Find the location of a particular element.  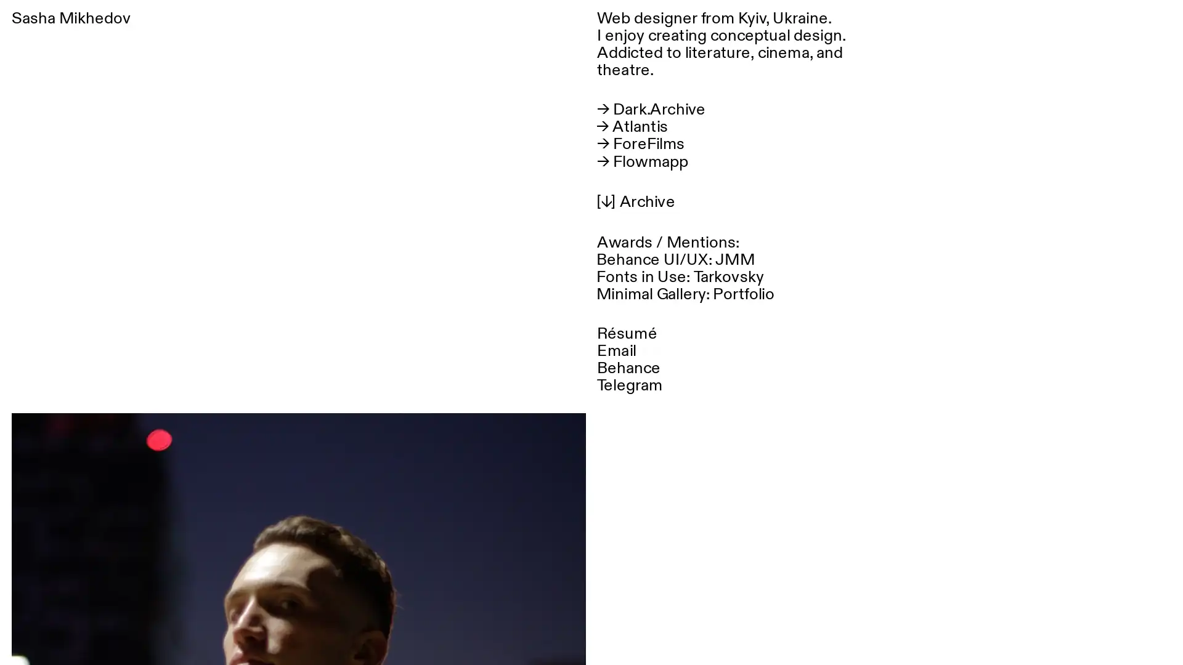

Close is located at coordinates (1160, 23).